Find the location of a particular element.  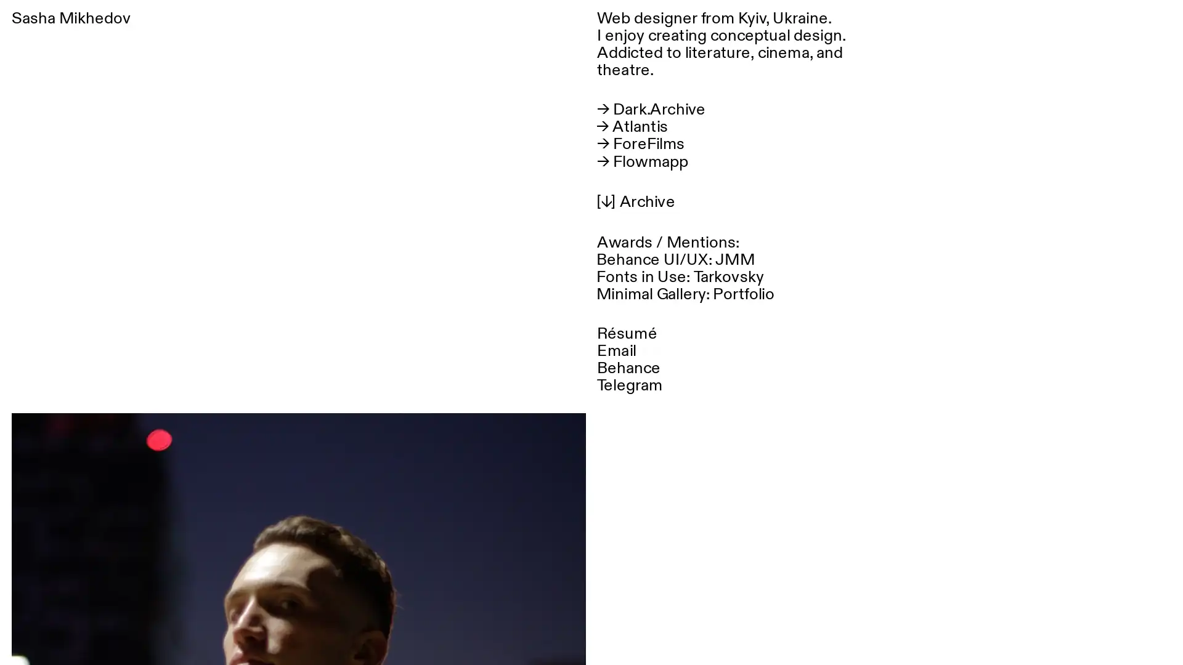

Close is located at coordinates (1160, 23).